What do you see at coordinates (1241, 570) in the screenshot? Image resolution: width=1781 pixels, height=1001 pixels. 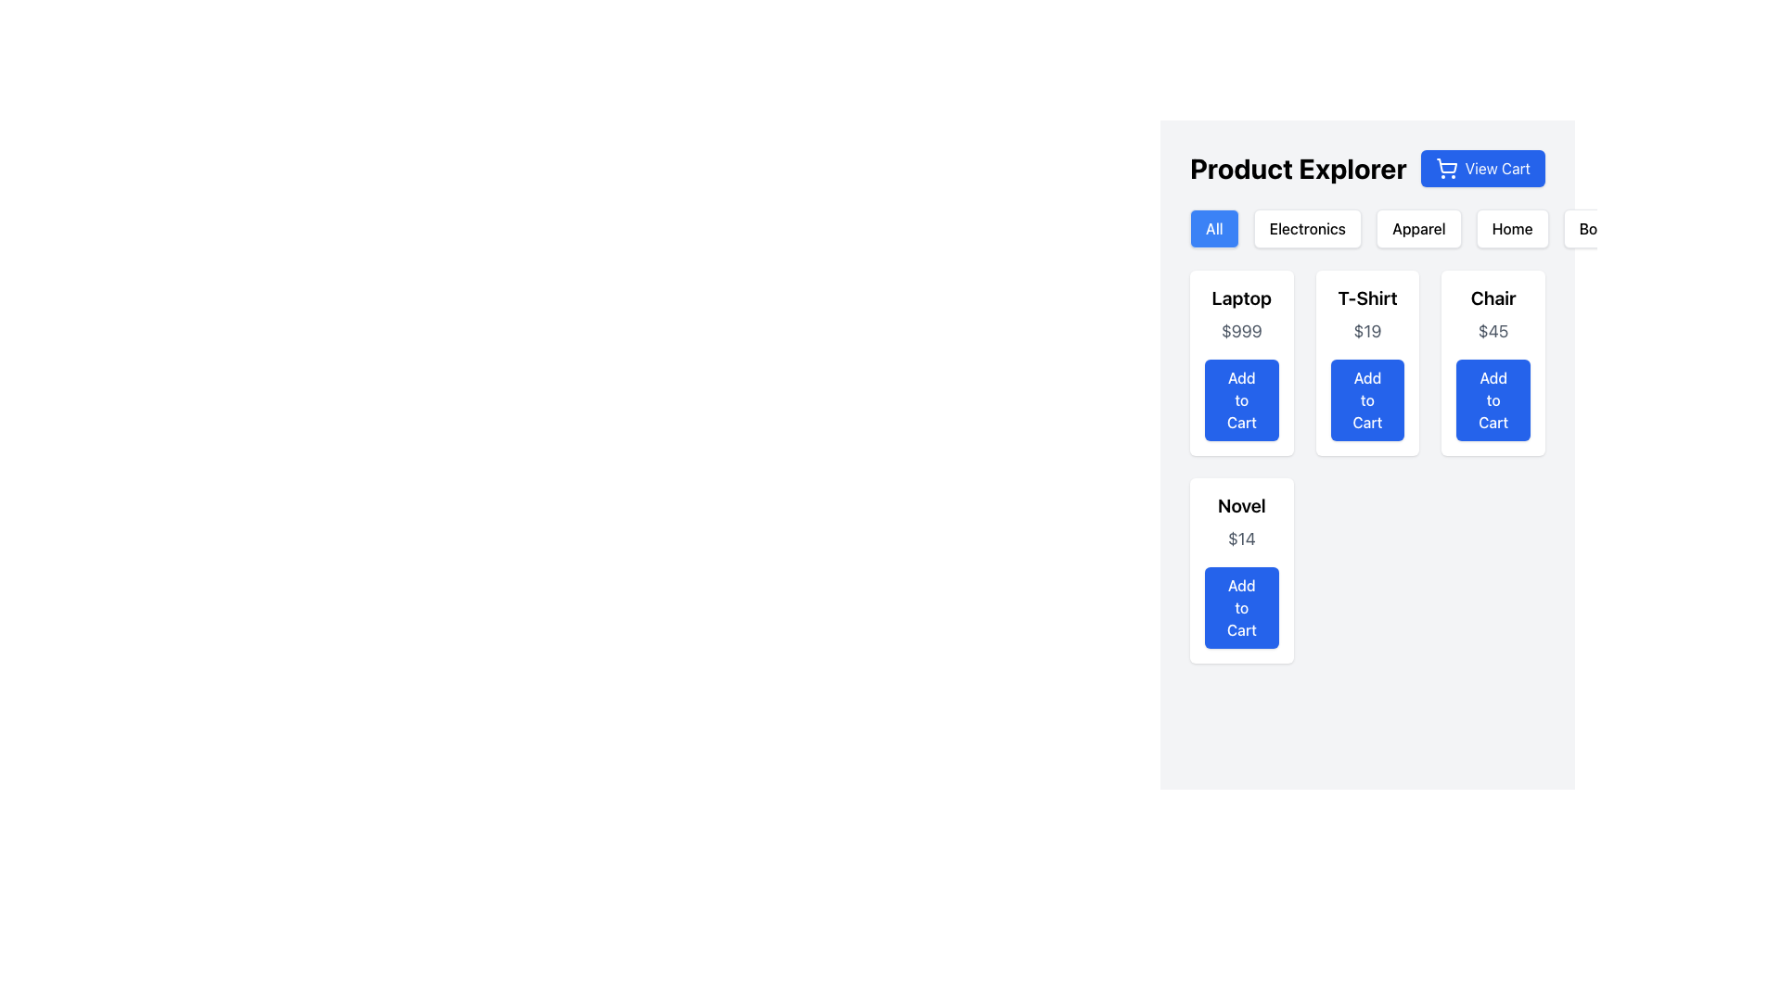 I see `the 'Add to Cart' button on the Product card titled 'Novel', which is located at the fourth position in the grid of cards` at bounding box center [1241, 570].